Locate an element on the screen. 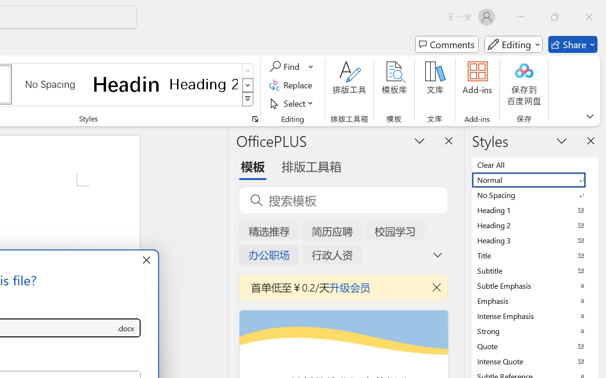 This screenshot has width=606, height=378. 'Normal' is located at coordinates (535, 179).